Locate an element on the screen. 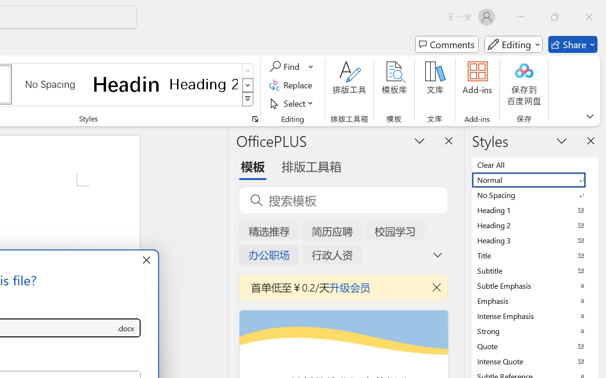 This screenshot has width=606, height=378. 'Normal' is located at coordinates (535, 179).